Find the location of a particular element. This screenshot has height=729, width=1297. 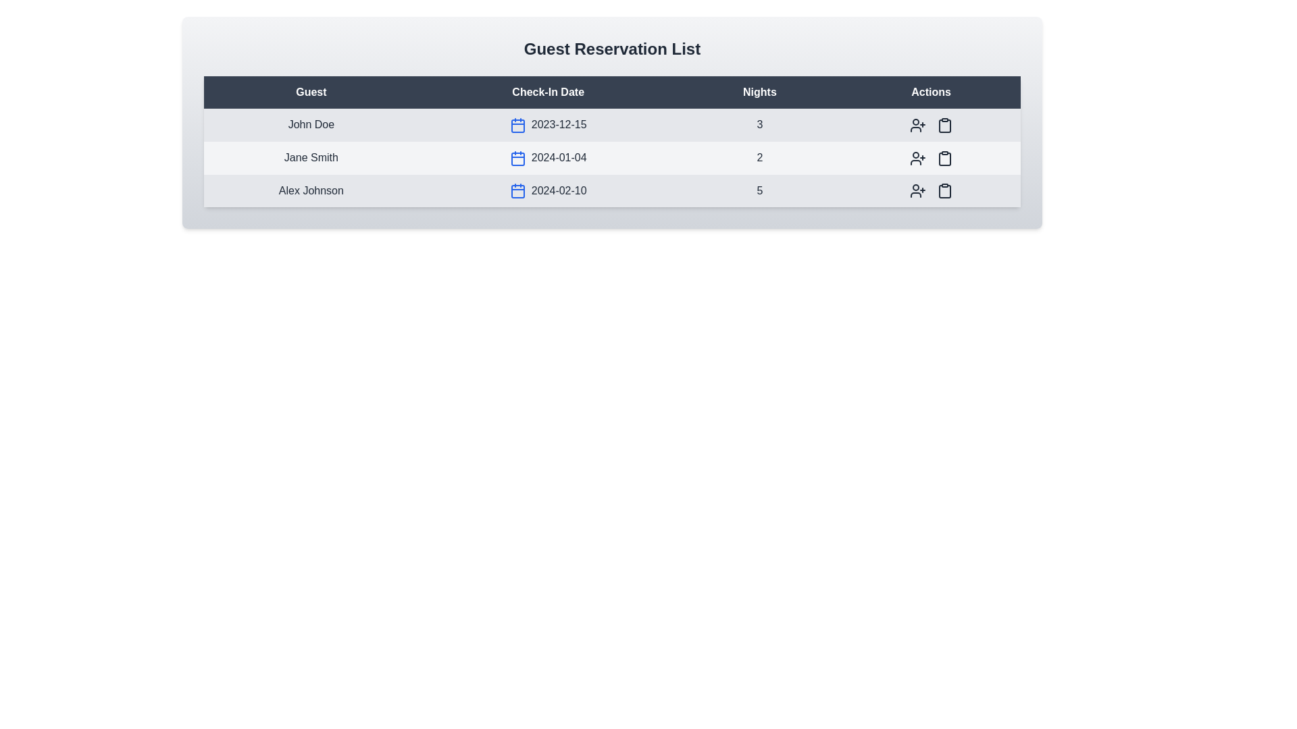

the main body of the calendar icon, which is a rectangular shape with rounded corners and a blue stroke, located under the 'Check-In Date' column in the second row of the table is located at coordinates (517, 158).